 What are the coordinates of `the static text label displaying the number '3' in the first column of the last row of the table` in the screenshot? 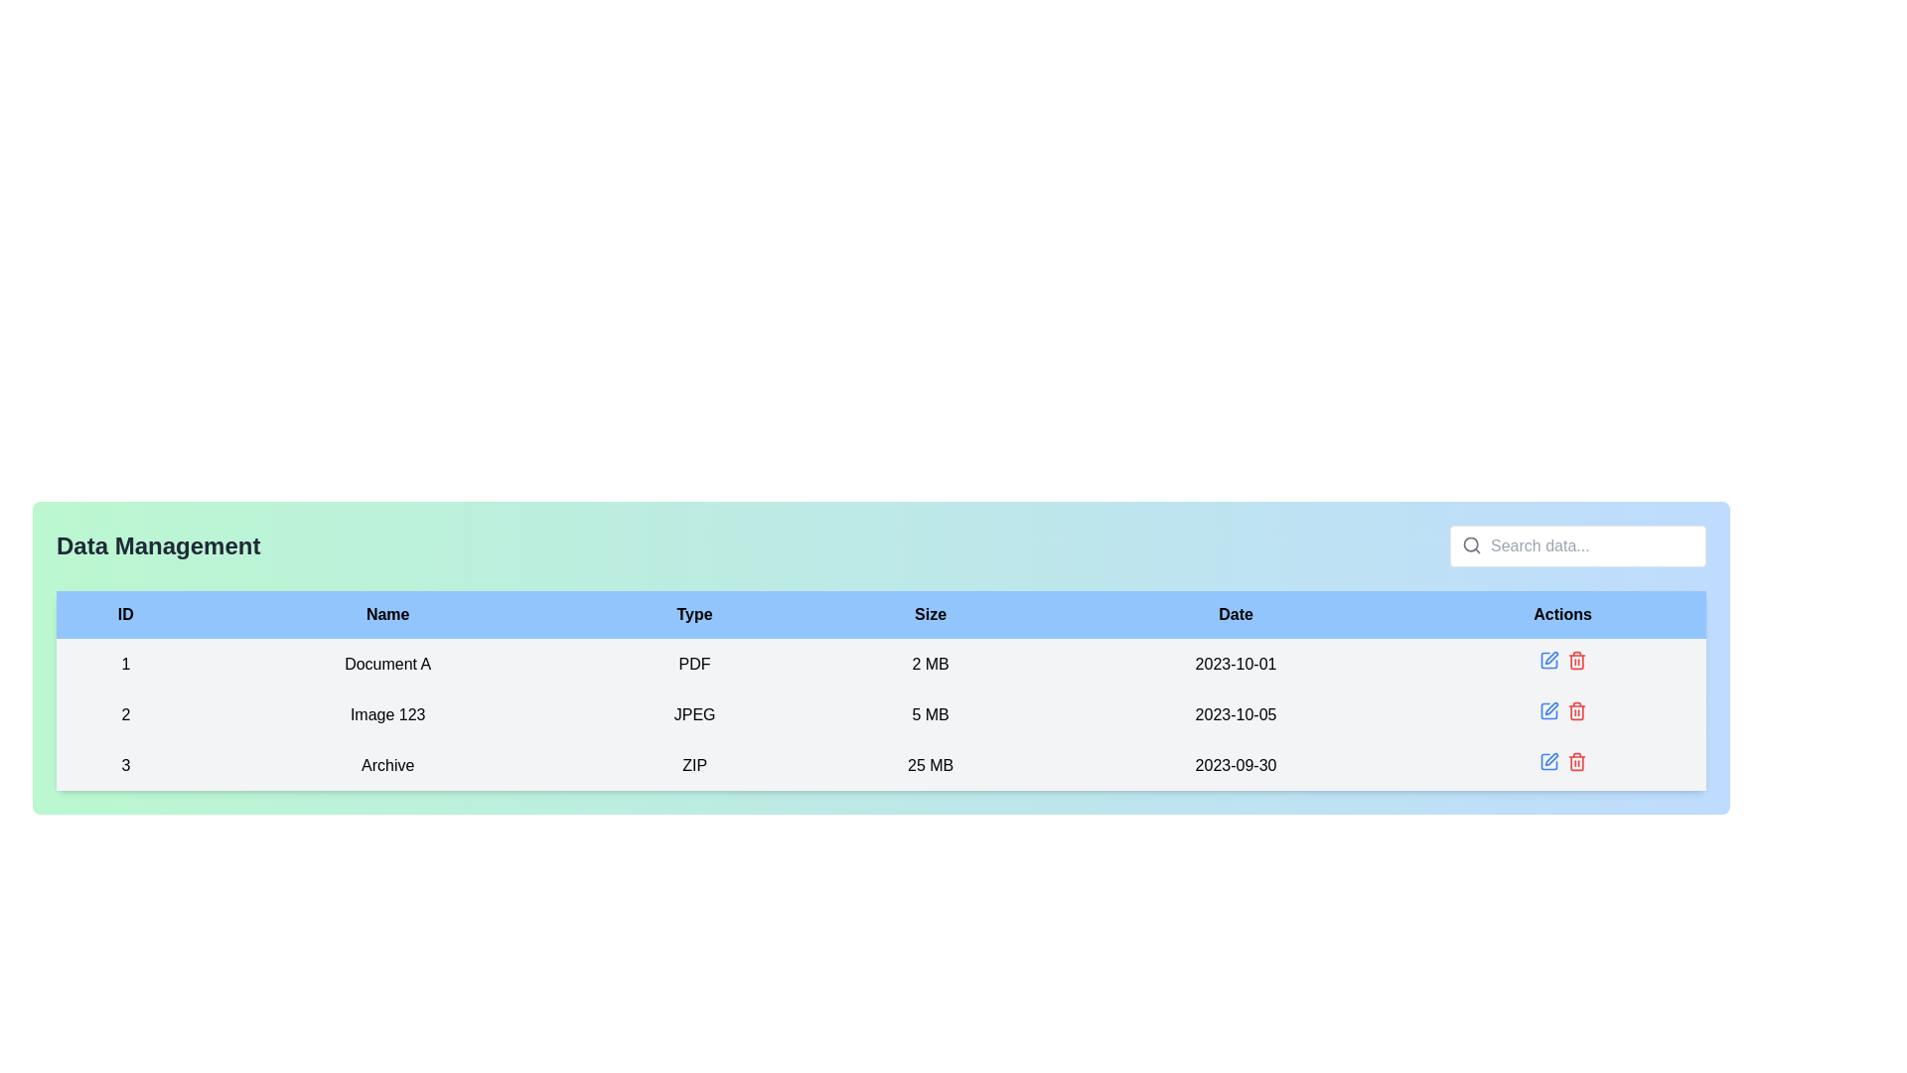 It's located at (124, 764).